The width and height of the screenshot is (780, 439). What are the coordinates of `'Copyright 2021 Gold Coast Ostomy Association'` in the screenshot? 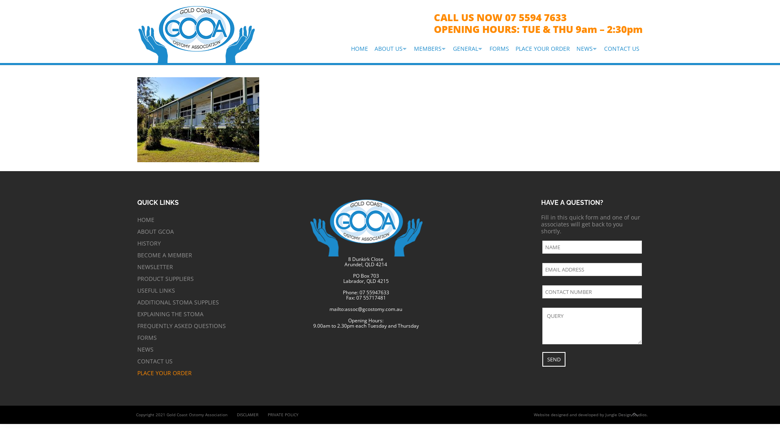 It's located at (132, 414).